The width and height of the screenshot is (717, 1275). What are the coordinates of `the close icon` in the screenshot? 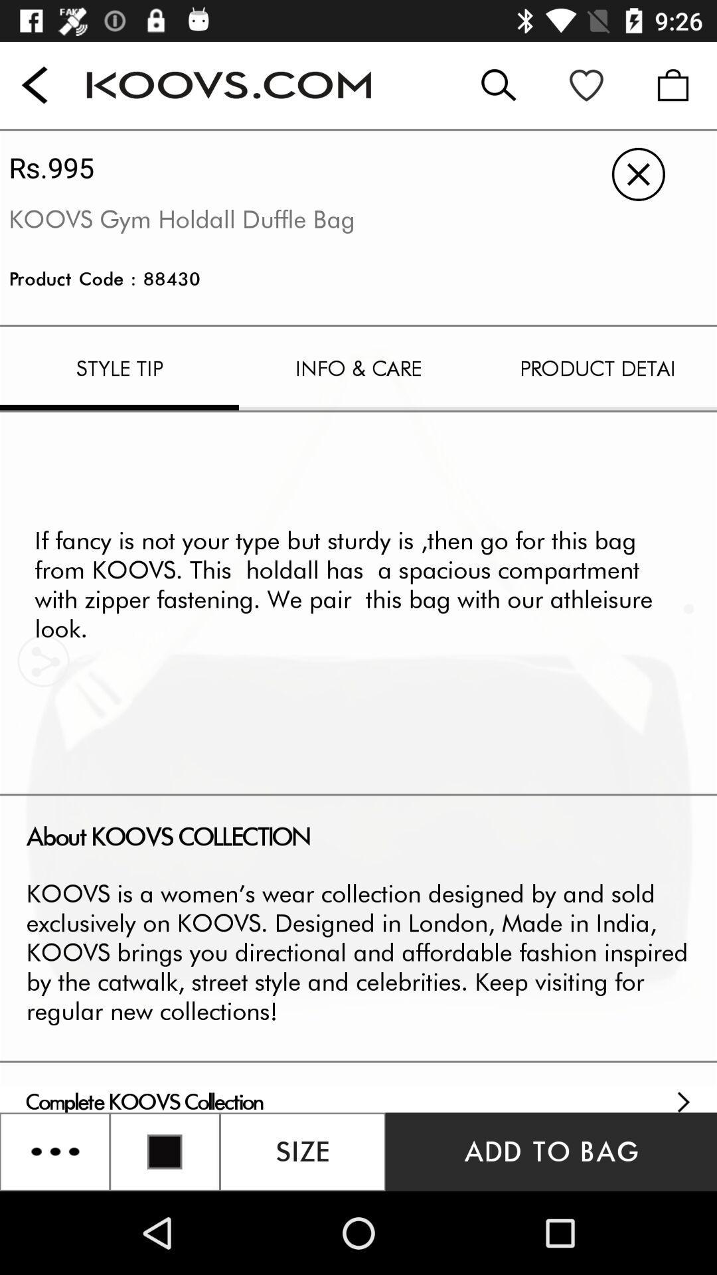 It's located at (637, 173).